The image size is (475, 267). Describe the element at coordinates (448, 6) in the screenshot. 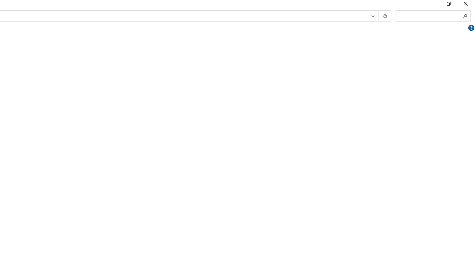

I see `'Restore'` at that location.